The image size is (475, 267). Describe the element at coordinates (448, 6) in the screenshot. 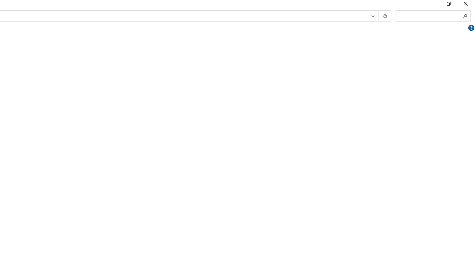

I see `'Restore'` at that location.